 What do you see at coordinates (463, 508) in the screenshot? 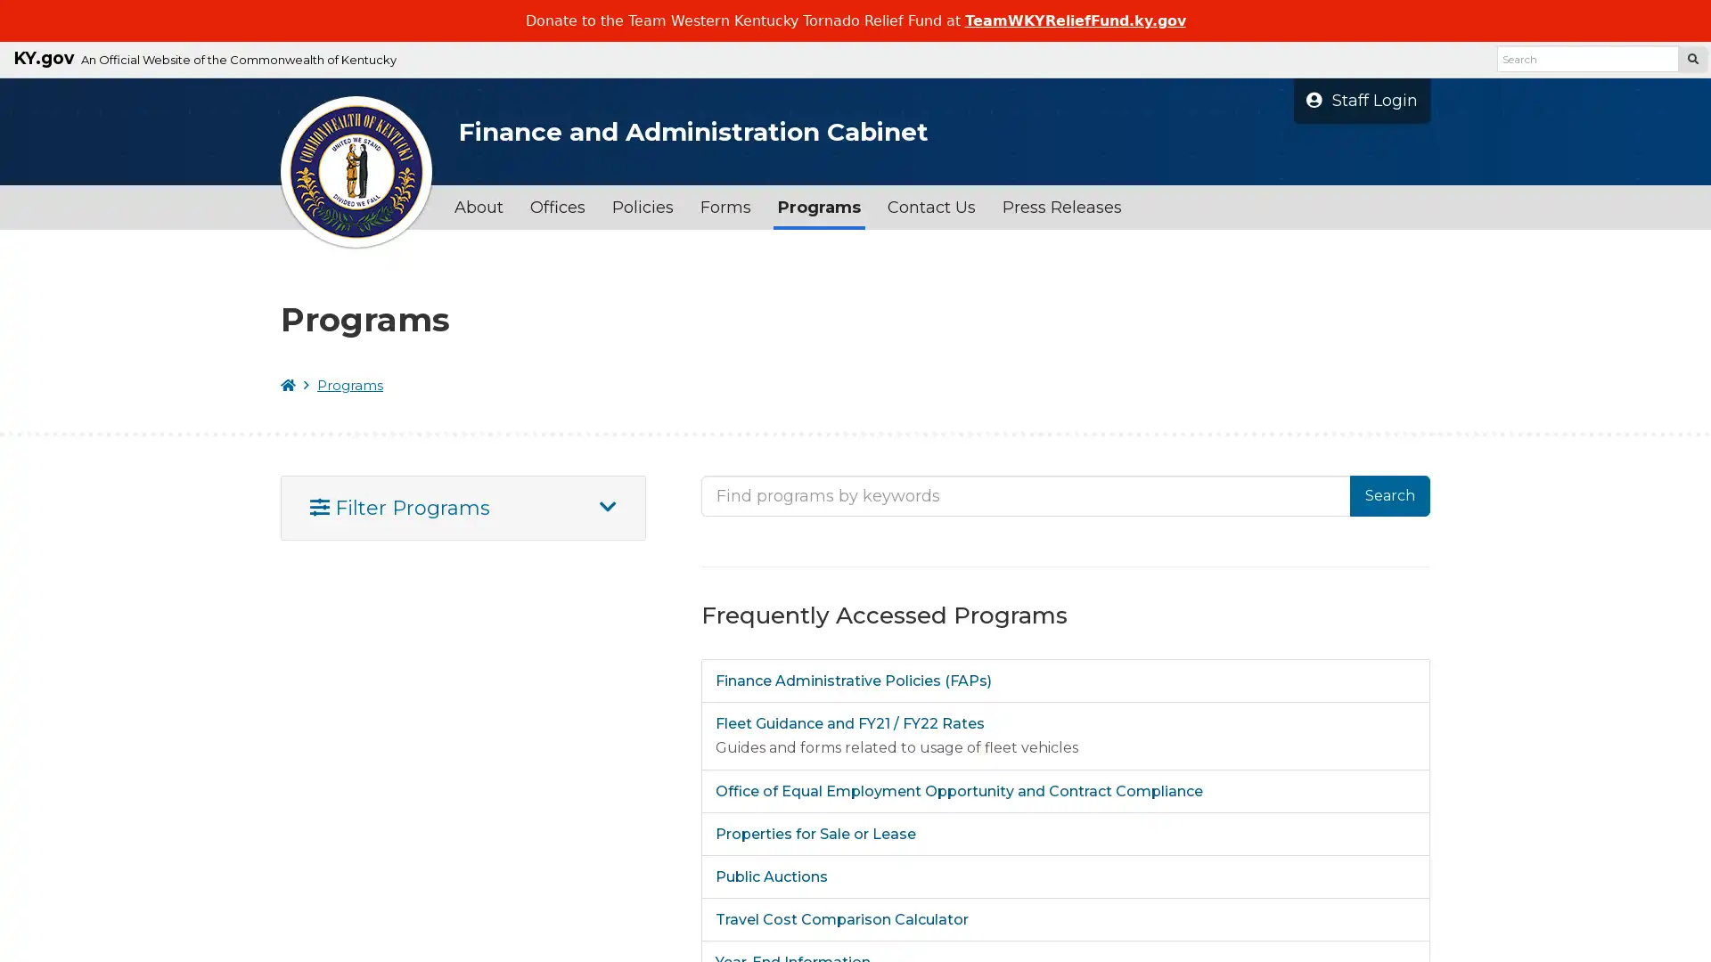
I see `Filter Programs Open And Close Filter Panel` at bounding box center [463, 508].